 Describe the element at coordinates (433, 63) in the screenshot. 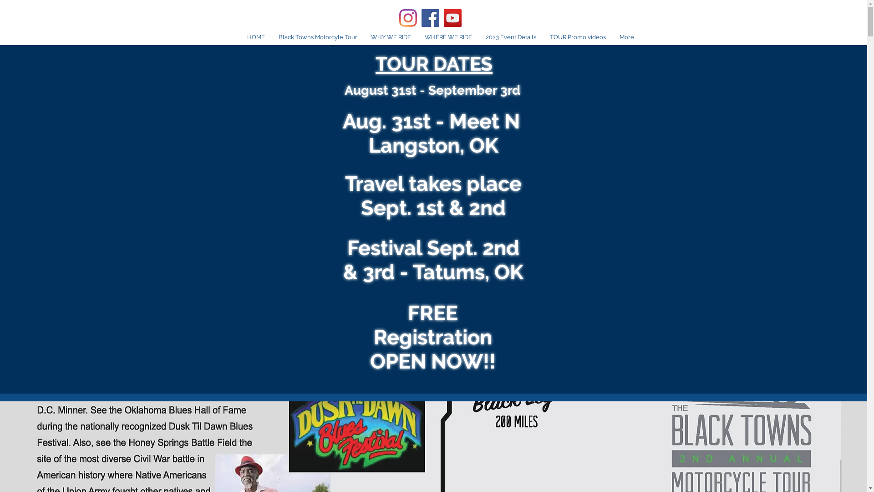

I see `'TOUR DATES'` at that location.